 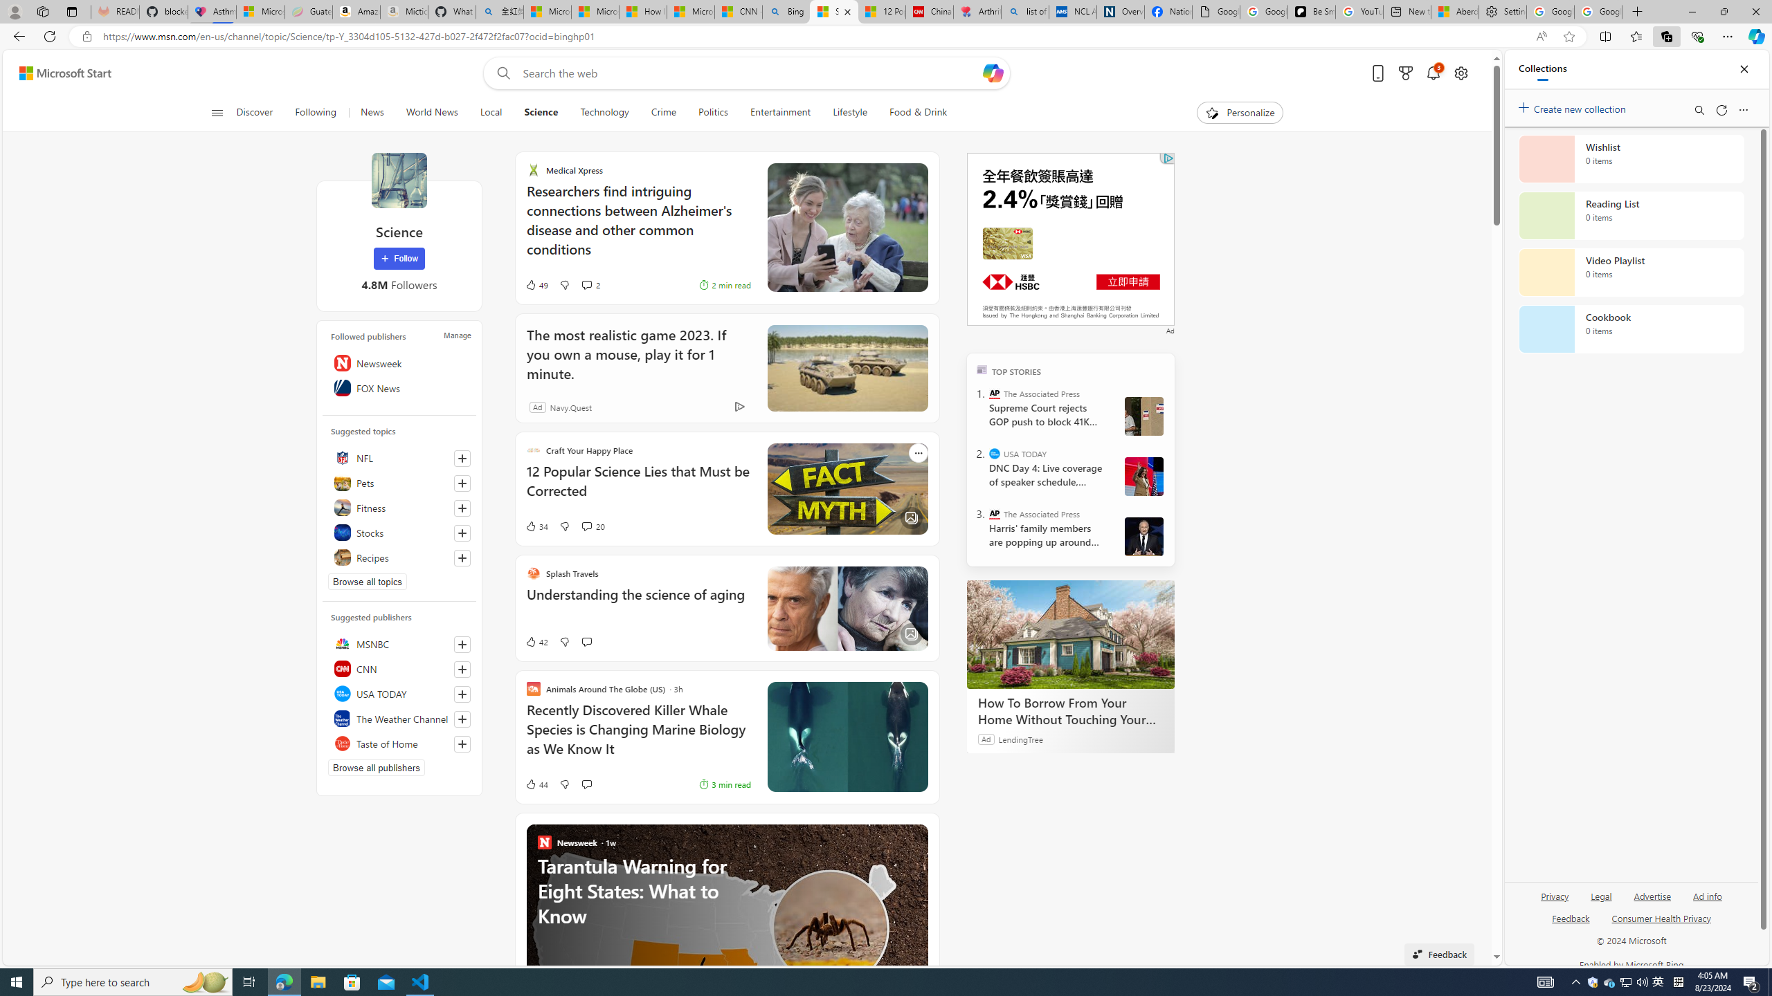 I want to click on 'Newsweek', so click(x=398, y=362).